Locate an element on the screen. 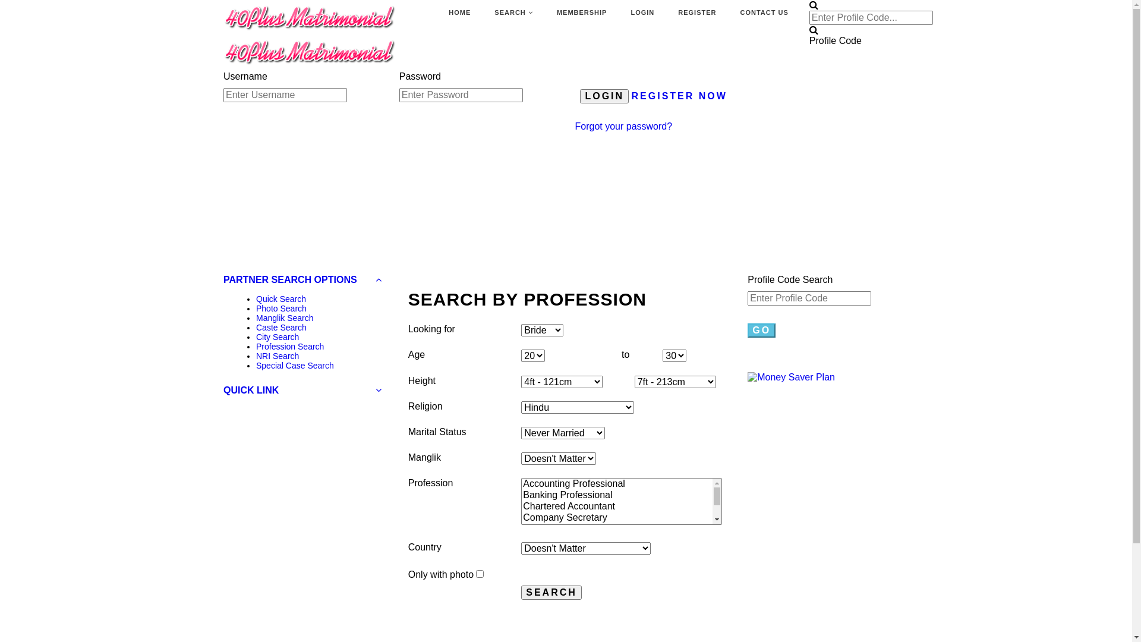  'City Search' is located at coordinates (276, 337).